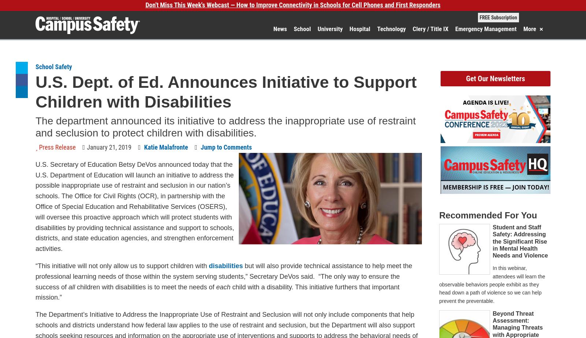  What do you see at coordinates (226, 147) in the screenshot?
I see `'Jump to Comments'` at bounding box center [226, 147].